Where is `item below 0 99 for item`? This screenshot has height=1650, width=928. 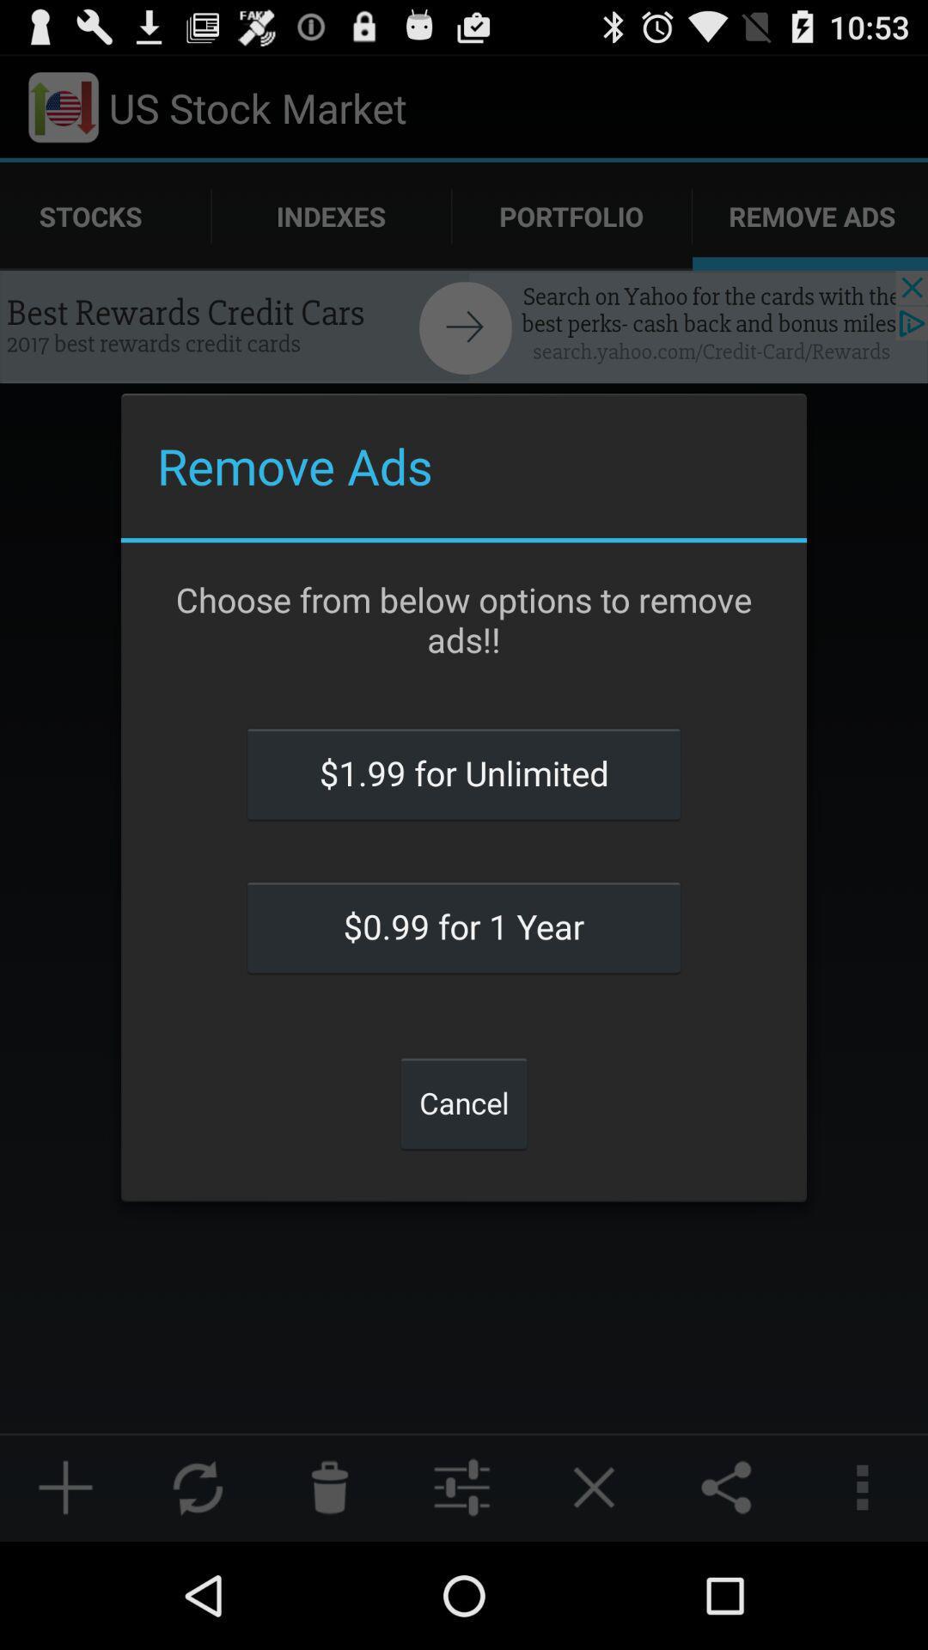
item below 0 99 for item is located at coordinates (464, 1103).